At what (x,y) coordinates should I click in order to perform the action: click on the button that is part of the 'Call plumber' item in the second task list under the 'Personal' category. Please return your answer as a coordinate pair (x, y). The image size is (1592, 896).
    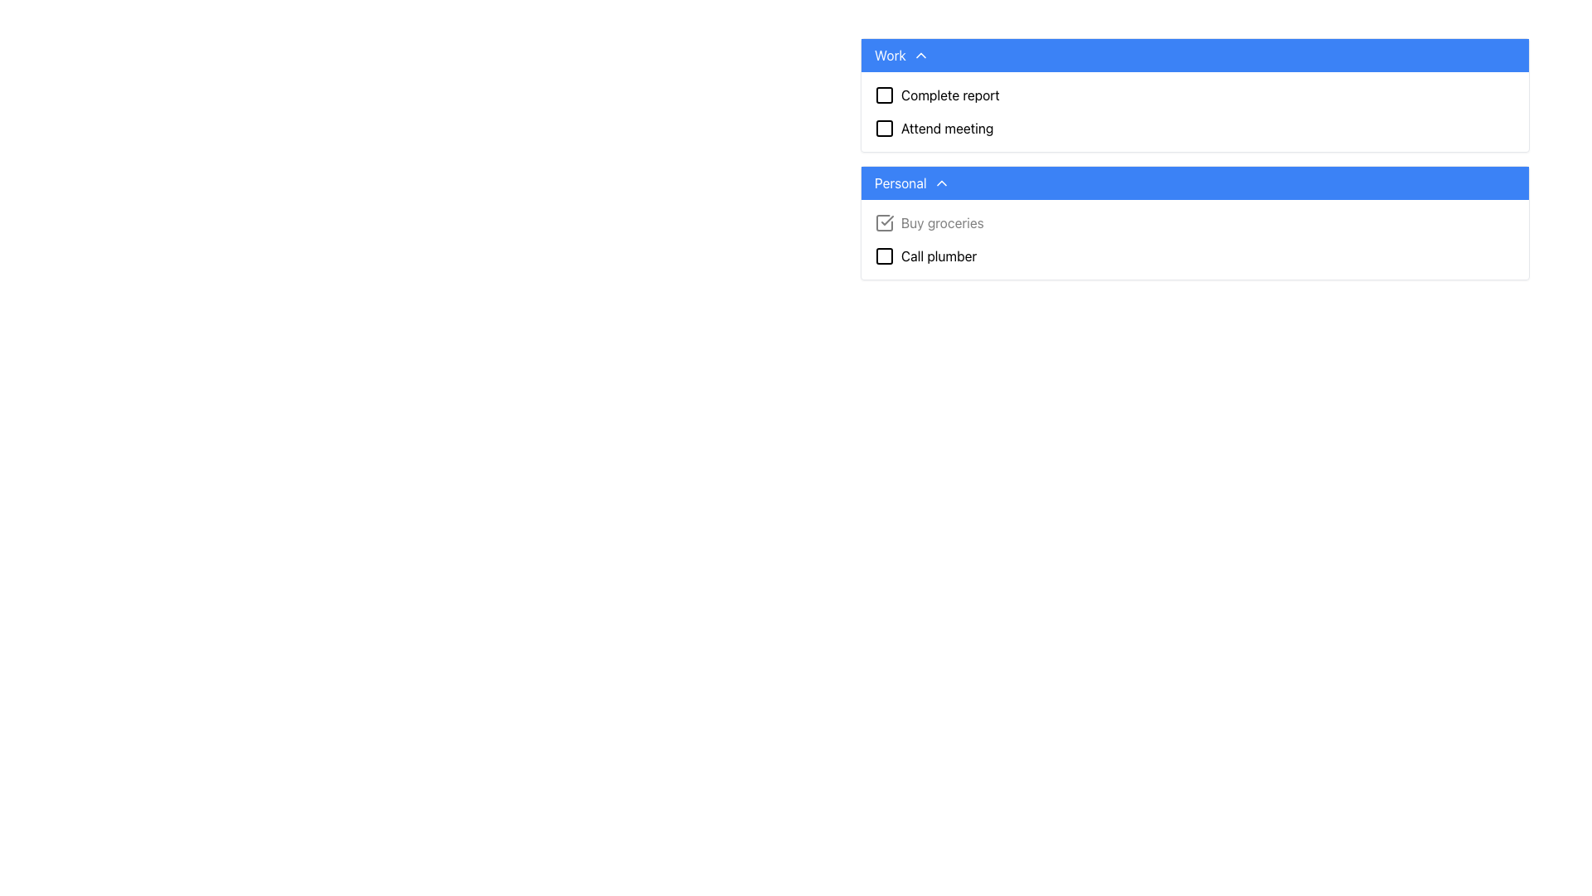
    Looking at the image, I should click on (883, 256).